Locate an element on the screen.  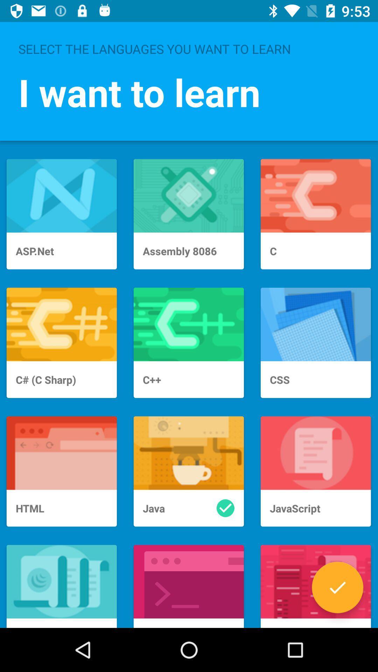
the check icon is located at coordinates (337, 587).